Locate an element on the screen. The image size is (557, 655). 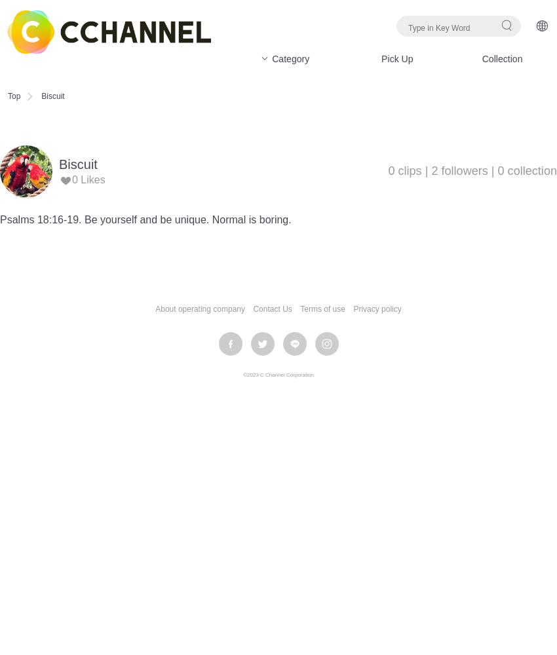
'Category' is located at coordinates (269, 58).